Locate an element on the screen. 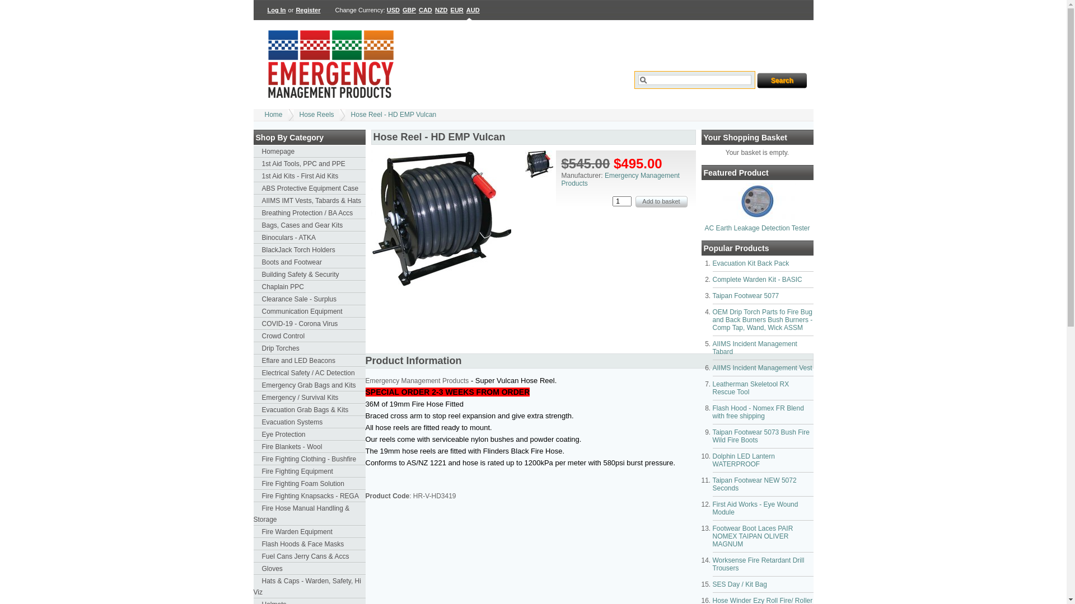 Image resolution: width=1075 pixels, height=604 pixels. 'Hats & Caps - Warden, Safety, Hi Viz' is located at coordinates (252, 586).